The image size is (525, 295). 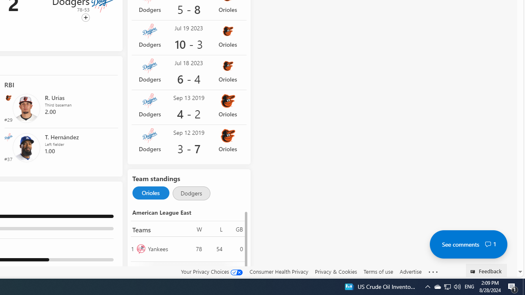 I want to click on 'Class: oneFooter_seeMore-DS-EntryPoint1-1', so click(x=433, y=272).